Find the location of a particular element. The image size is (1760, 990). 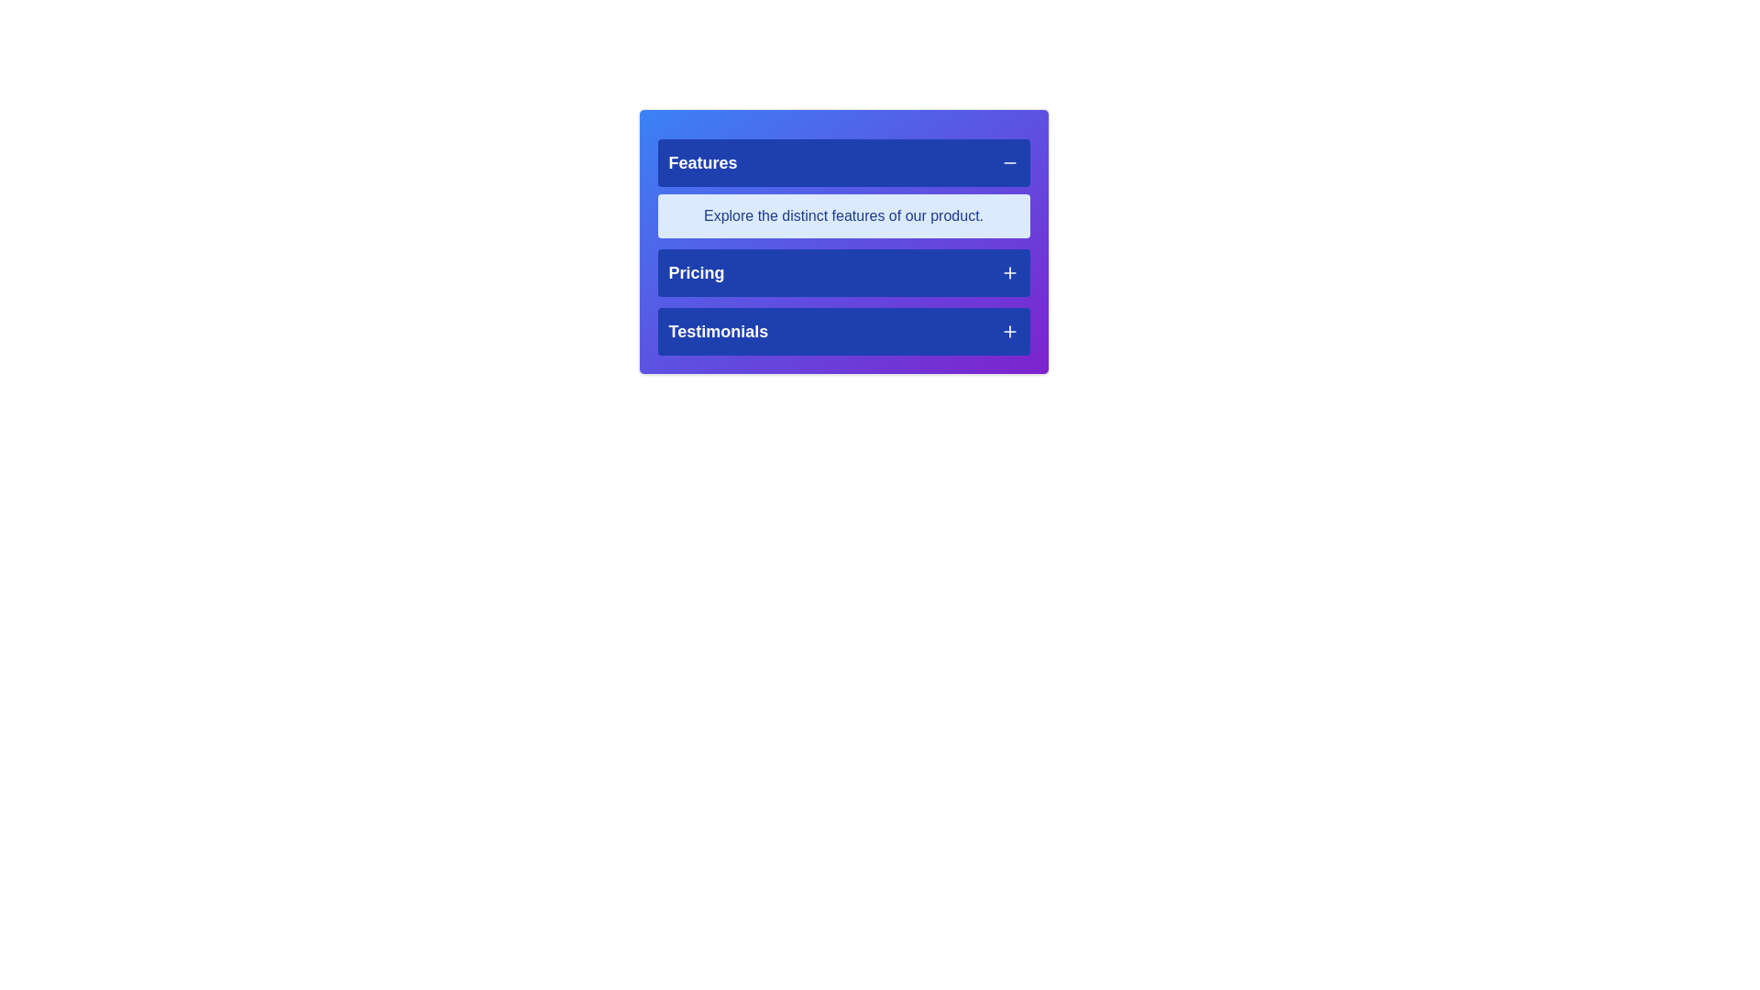

the 'Testimonials' Text Label, which identifies the section within a blue box at the bottom of a vertical list of menu items is located at coordinates (717, 332).